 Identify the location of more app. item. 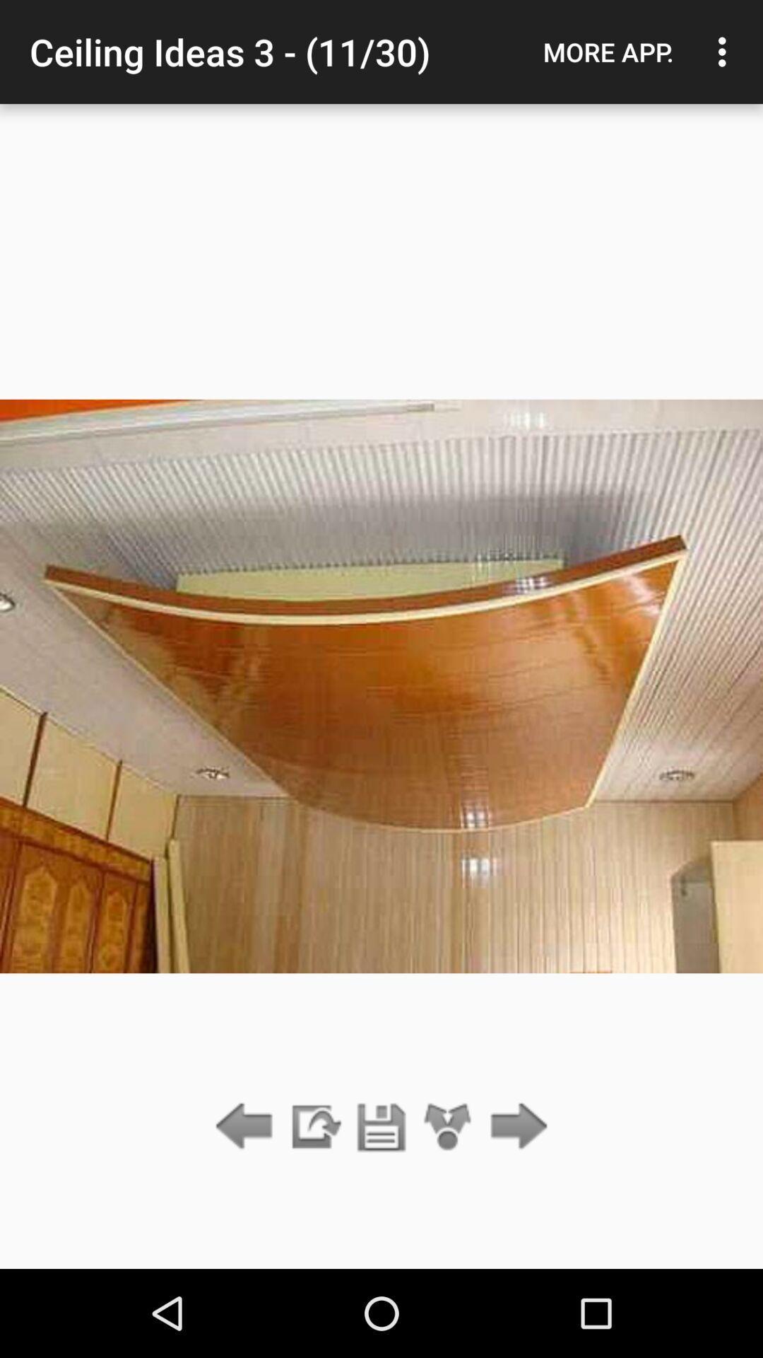
(608, 52).